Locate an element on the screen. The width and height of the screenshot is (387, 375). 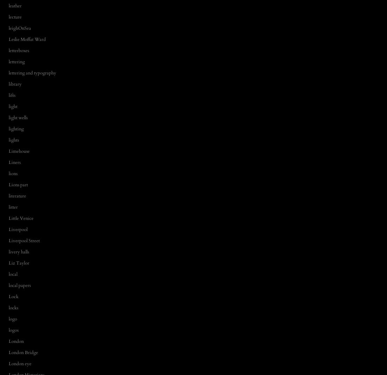
'London' is located at coordinates (16, 341).